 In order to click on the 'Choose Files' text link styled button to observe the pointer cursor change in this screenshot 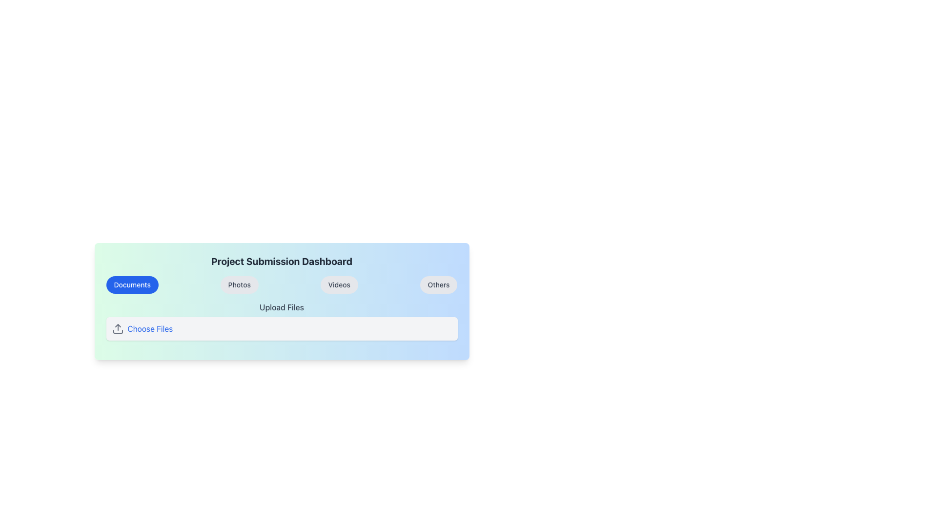, I will do `click(149, 329)`.